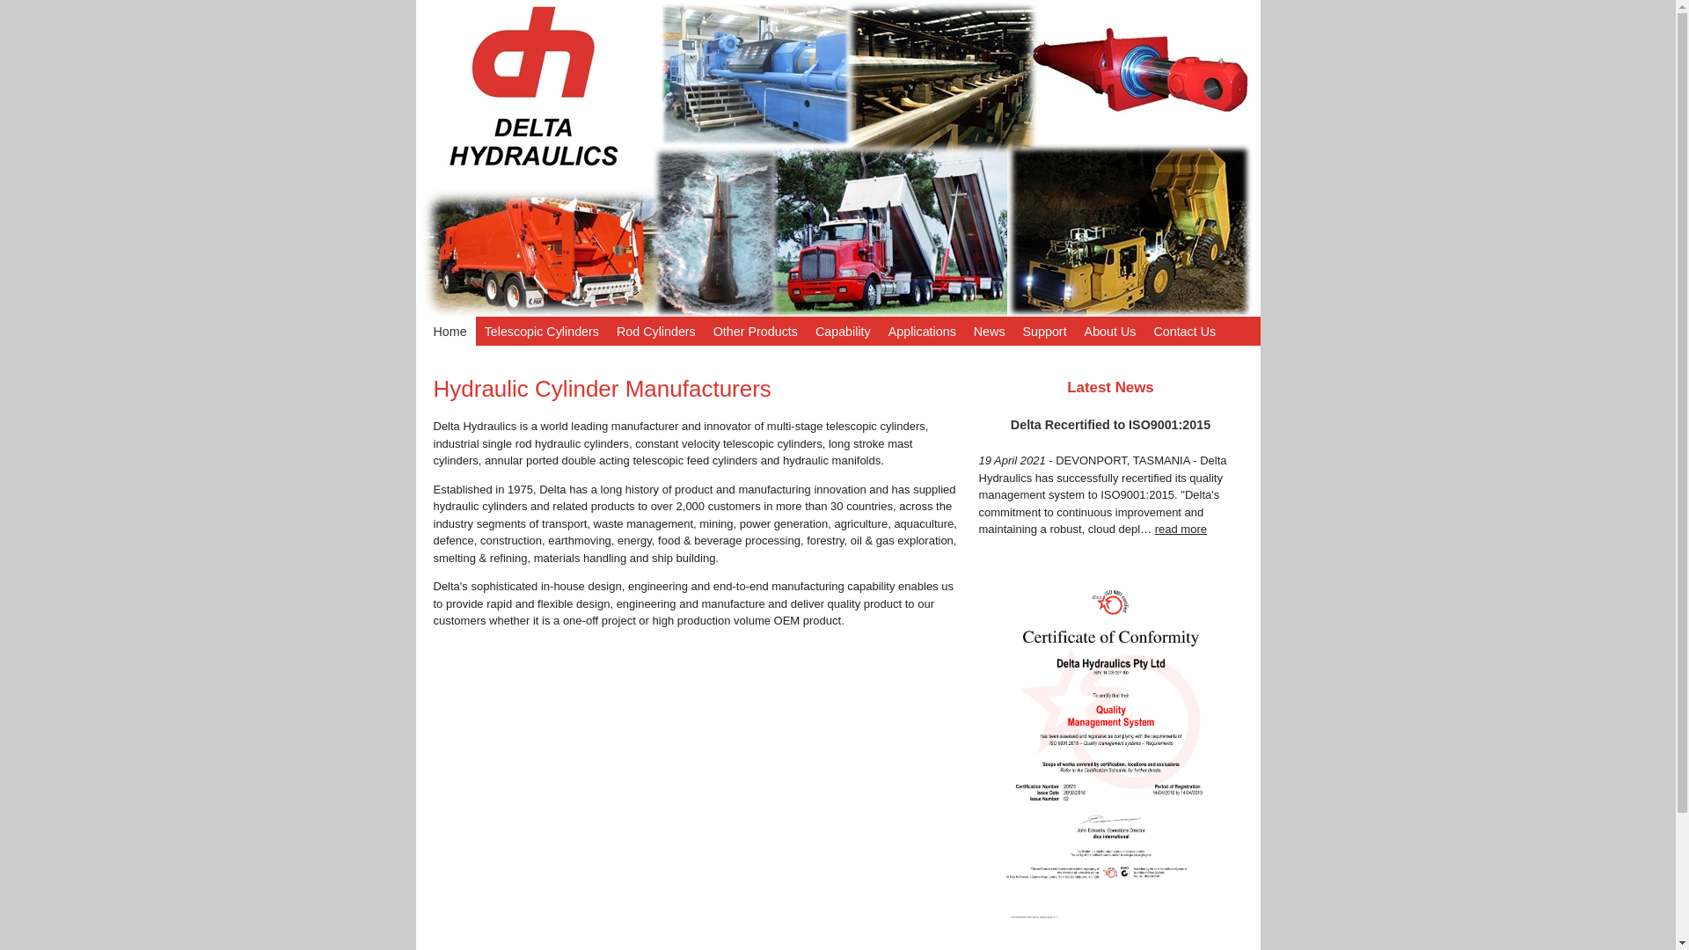  What do you see at coordinates (921, 331) in the screenshot?
I see `'Applications'` at bounding box center [921, 331].